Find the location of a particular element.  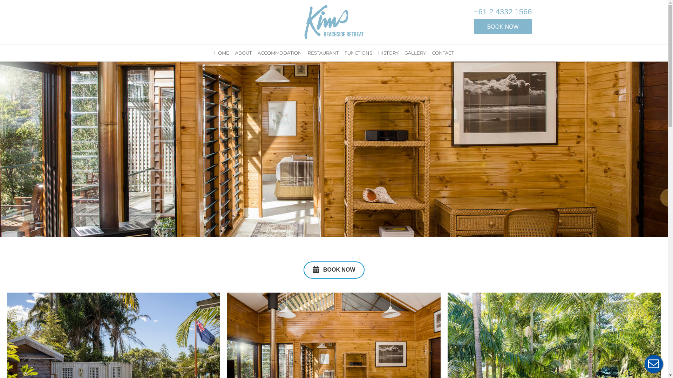

'FUNCTIONS' is located at coordinates (342, 52).